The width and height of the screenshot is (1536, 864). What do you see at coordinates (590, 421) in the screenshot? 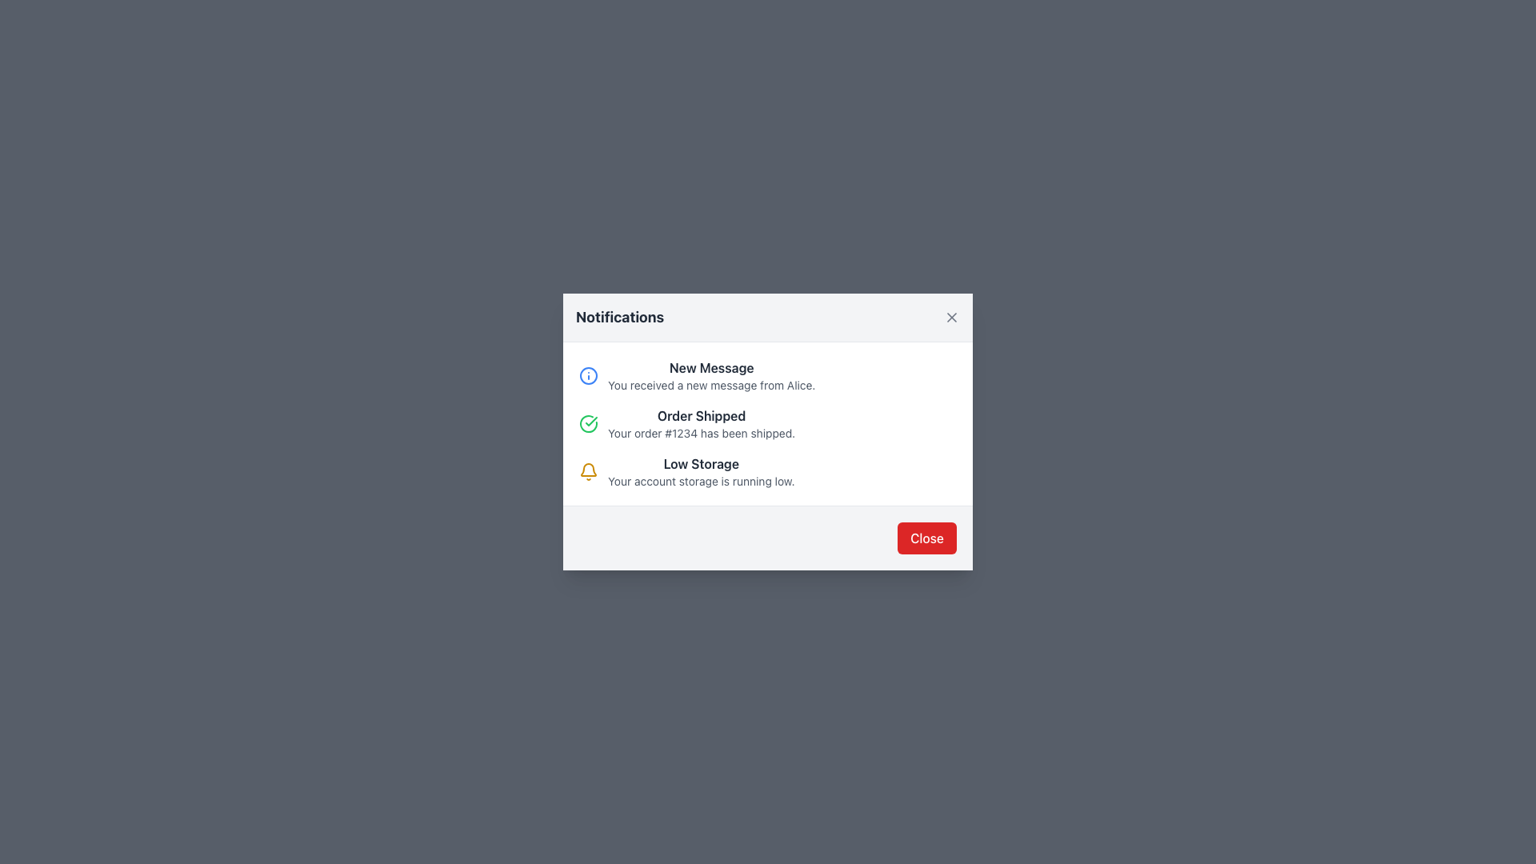
I see `the shipment success icon located to the left of the 'Order Shipped' notification text in the lower half of the notification card layout` at bounding box center [590, 421].